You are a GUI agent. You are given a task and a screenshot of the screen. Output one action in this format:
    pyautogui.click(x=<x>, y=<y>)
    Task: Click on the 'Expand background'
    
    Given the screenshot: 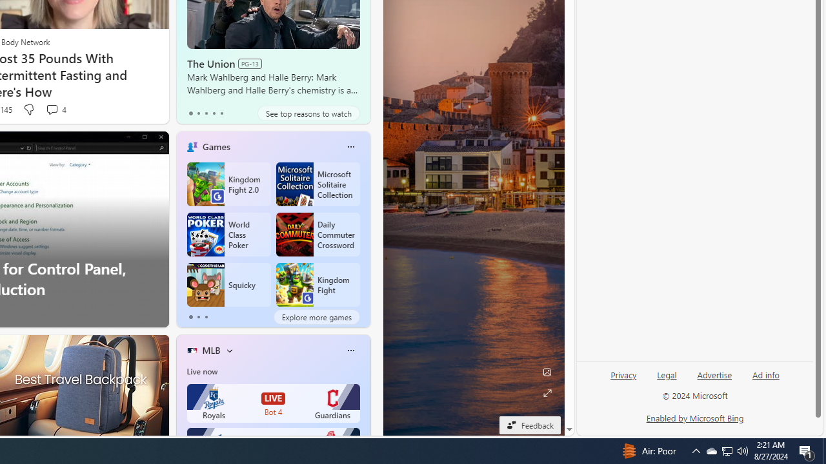 What is the action you would take?
    pyautogui.click(x=547, y=392)
    